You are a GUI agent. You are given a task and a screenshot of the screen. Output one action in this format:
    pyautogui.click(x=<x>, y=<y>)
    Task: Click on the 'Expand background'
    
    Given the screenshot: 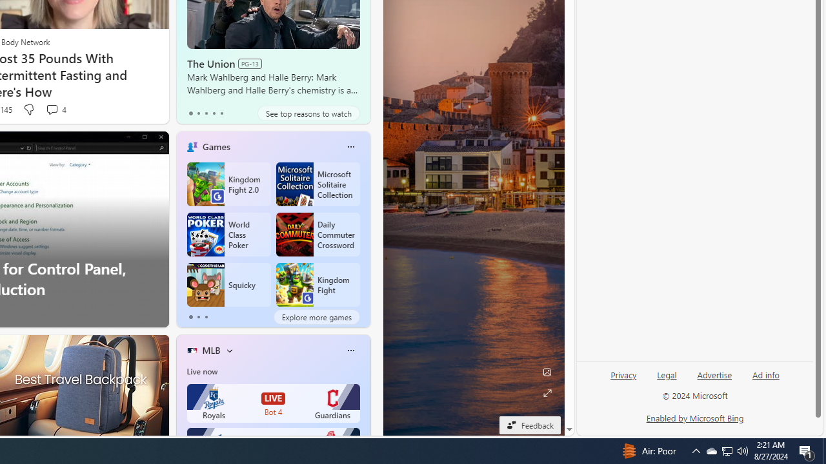 What is the action you would take?
    pyautogui.click(x=547, y=392)
    